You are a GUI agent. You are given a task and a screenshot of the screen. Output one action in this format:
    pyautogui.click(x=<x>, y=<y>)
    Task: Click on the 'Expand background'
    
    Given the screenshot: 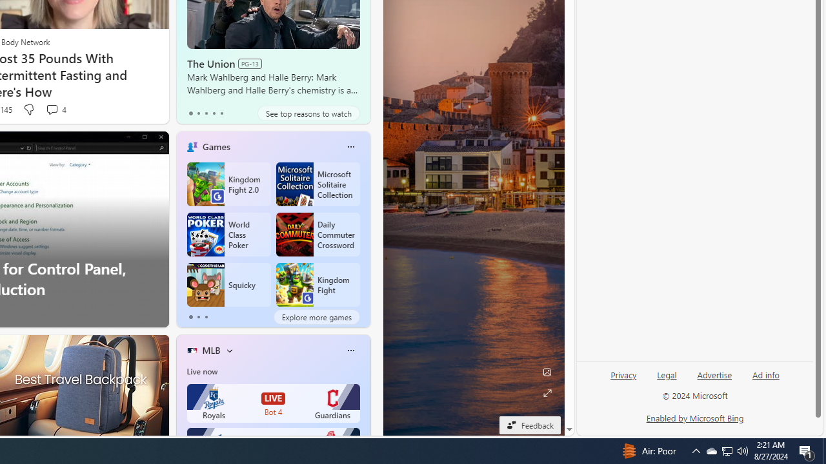 What is the action you would take?
    pyautogui.click(x=547, y=392)
    